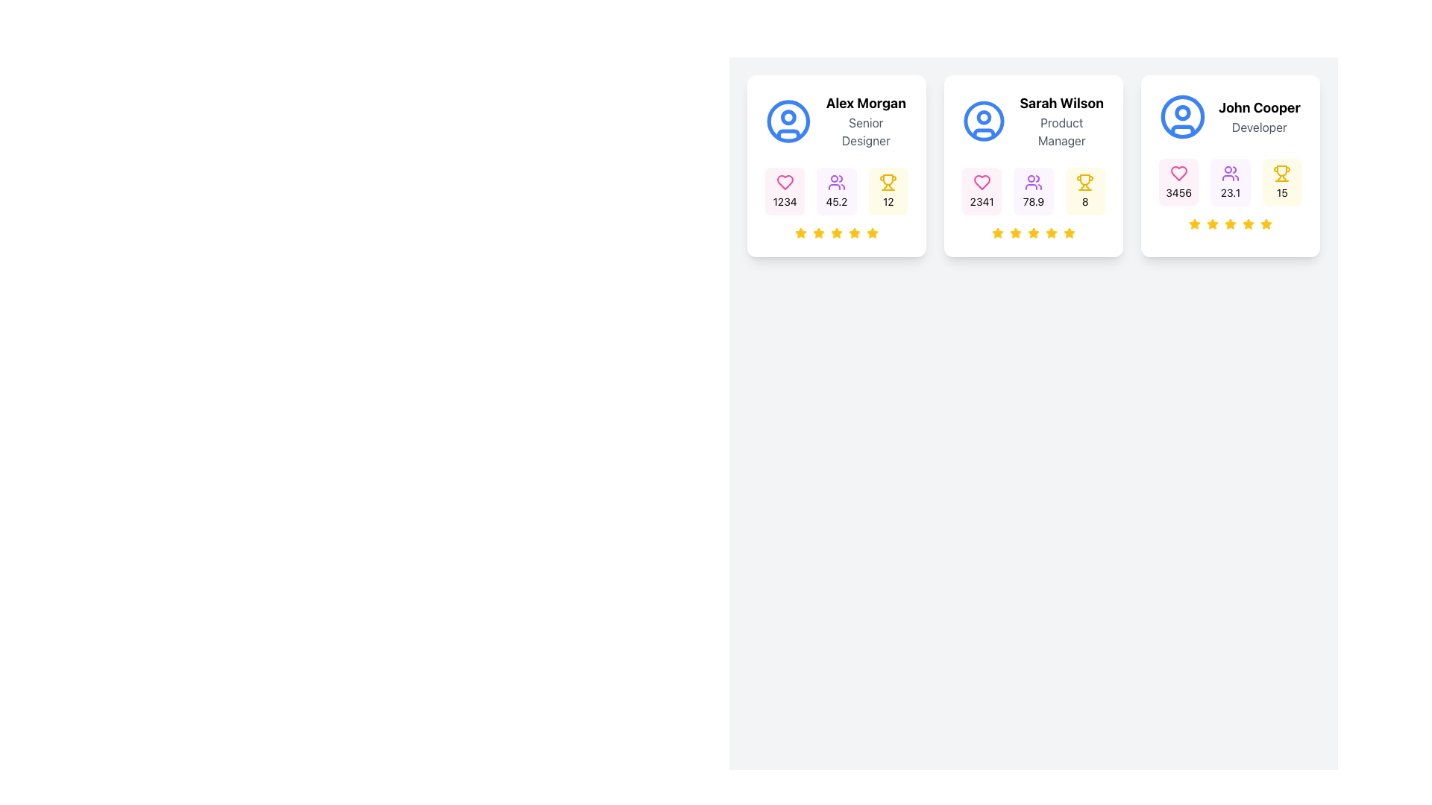  What do you see at coordinates (1195, 224) in the screenshot?
I see `the second yellow star icon in the rating system below John Cooper's profile details` at bounding box center [1195, 224].